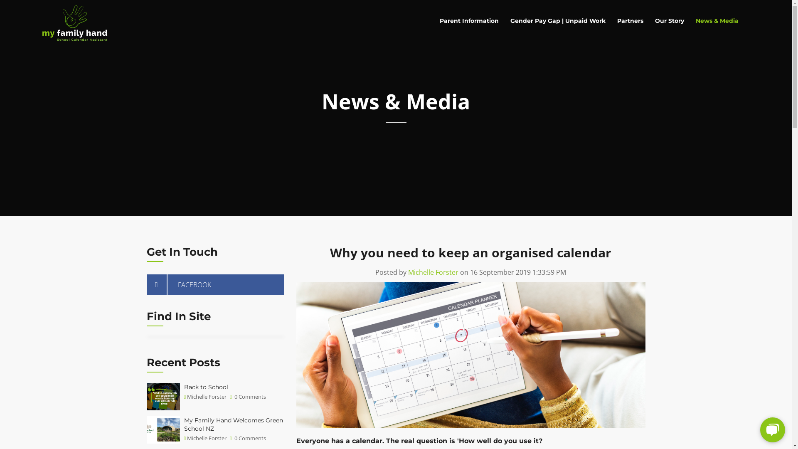 This screenshot has width=798, height=449. I want to click on 'Gender Pay Gap | Unpaid Work', so click(558, 20).